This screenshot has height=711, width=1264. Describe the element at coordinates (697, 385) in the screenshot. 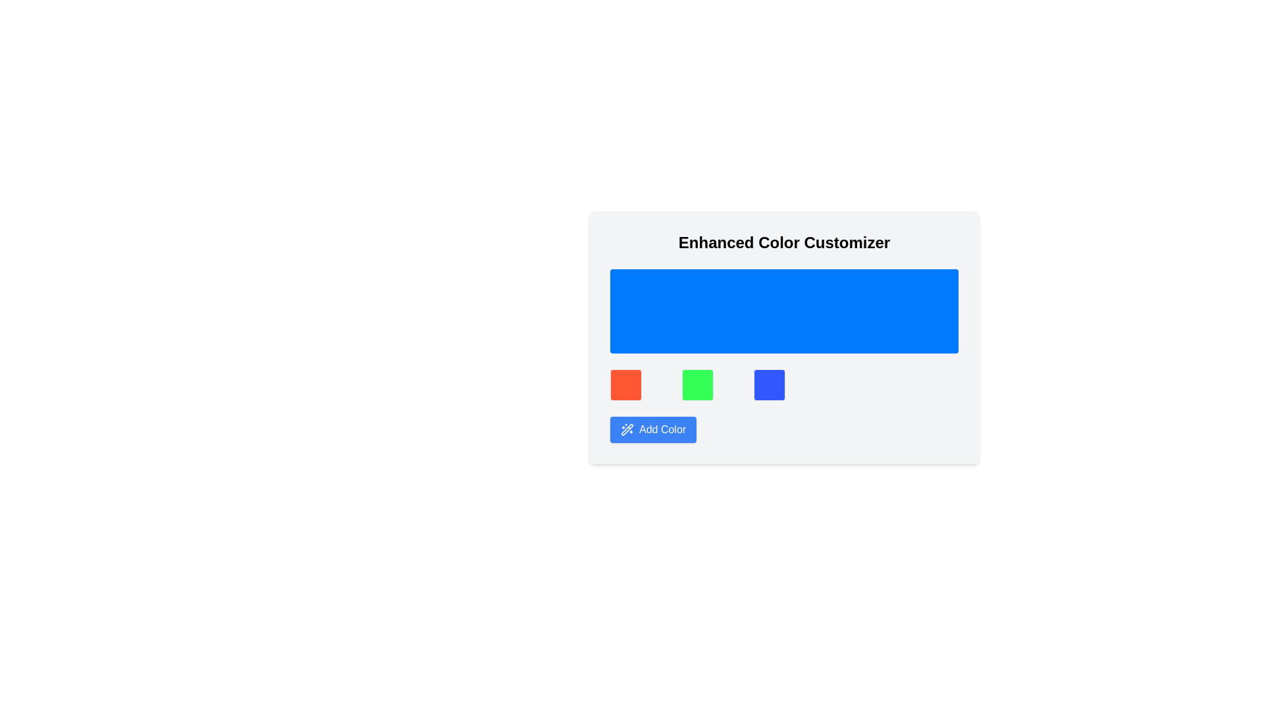

I see `the small square button with a green background, which is the second button in a row of three, positioned below a blue rectangular area` at that location.